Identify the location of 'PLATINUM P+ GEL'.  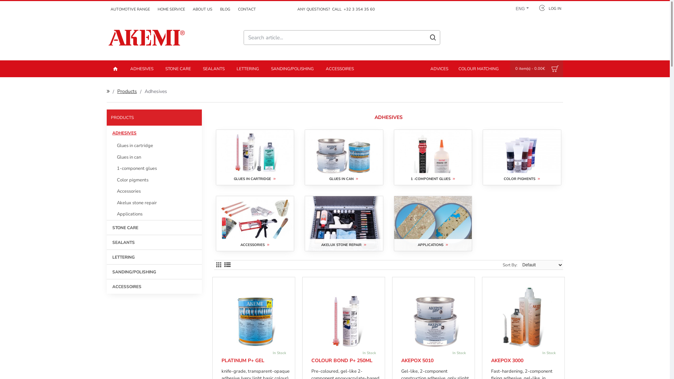
(221, 361).